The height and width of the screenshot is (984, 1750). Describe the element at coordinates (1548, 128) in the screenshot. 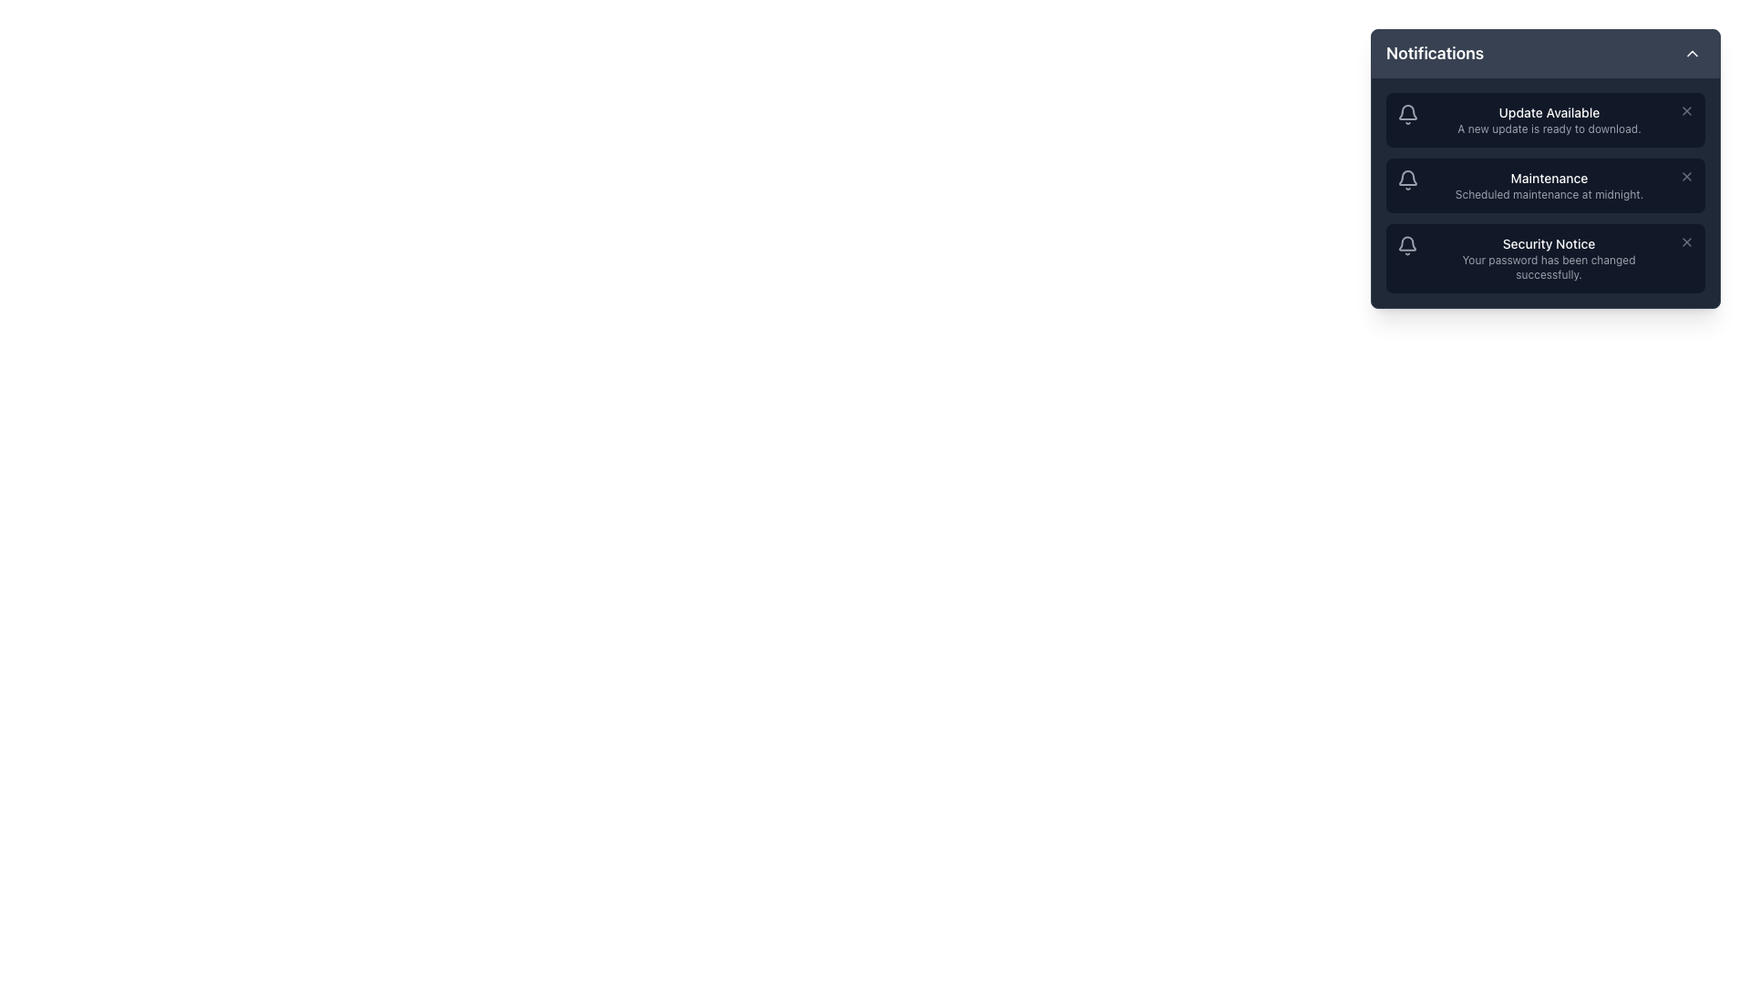

I see `the text label that provides supplementary information about the notification indicating a new update is ready to be downloaded, positioned below 'Update Available' in the notification panel` at that location.